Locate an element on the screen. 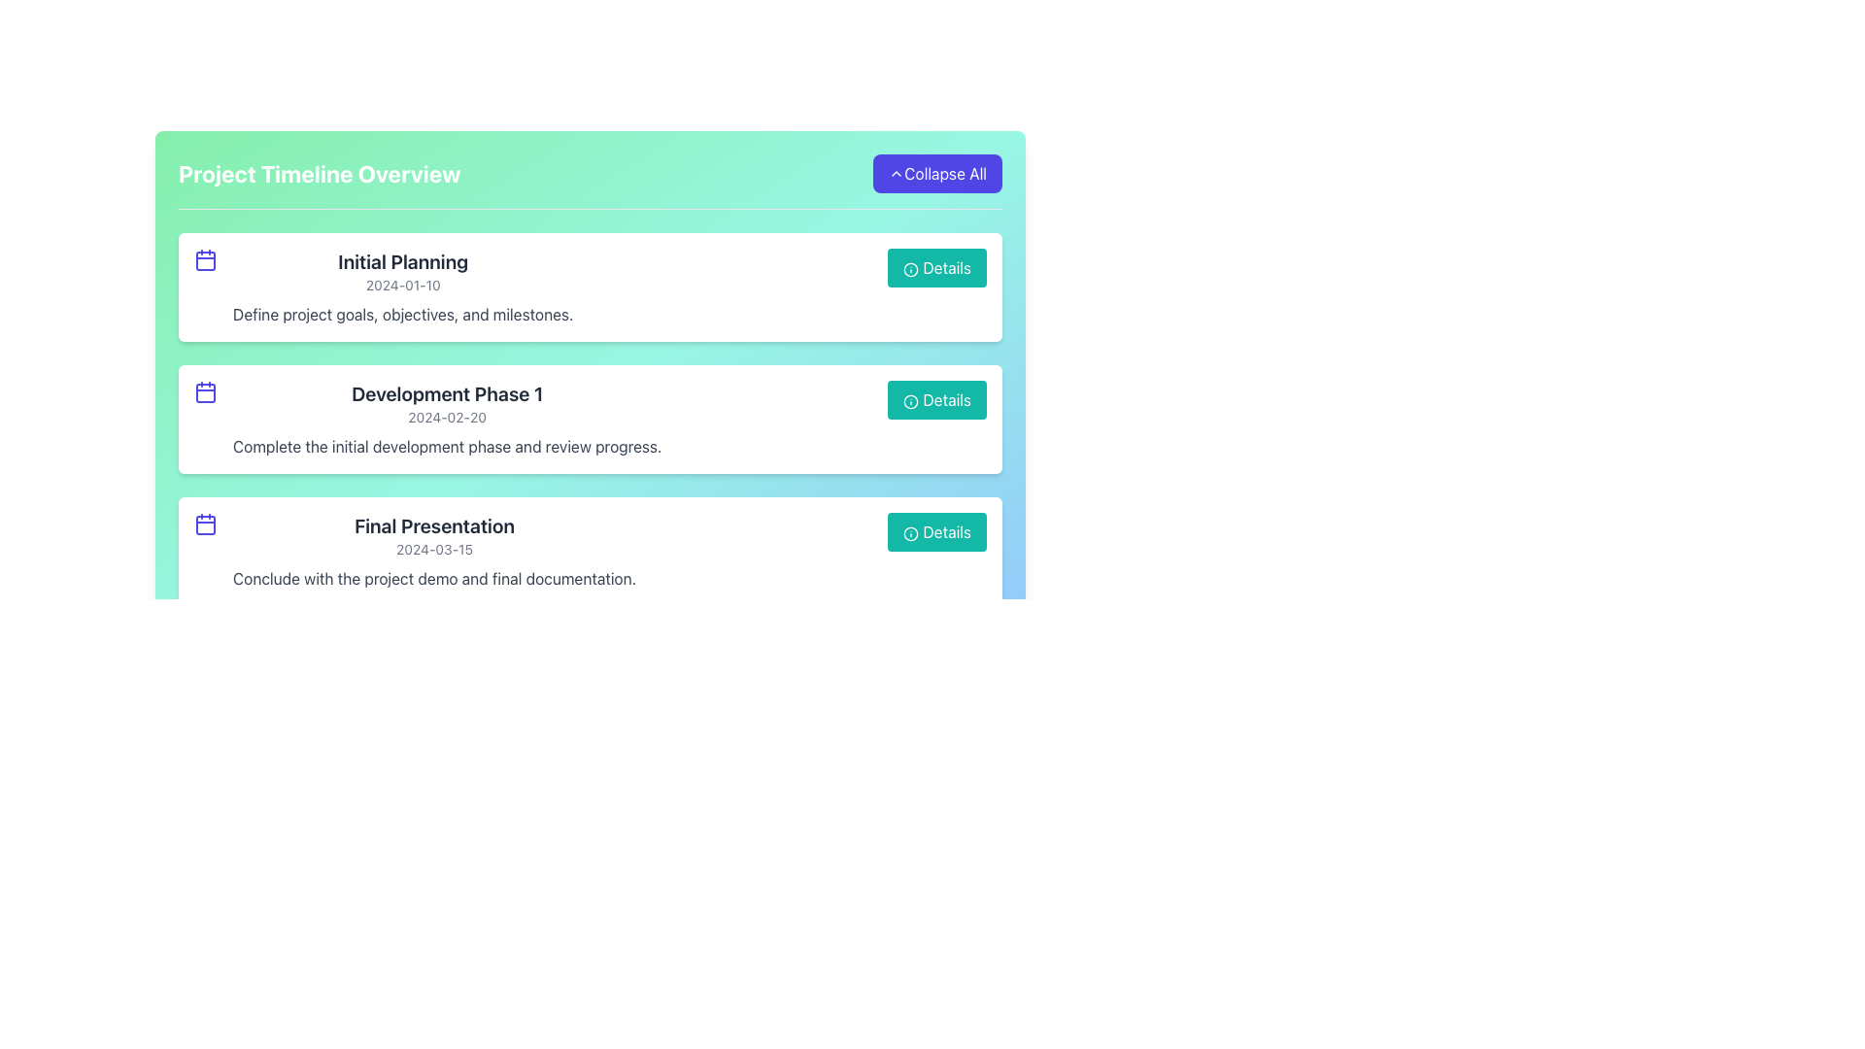 The height and width of the screenshot is (1049, 1865). the 'info' icon styled with a circular outline and a dot and line inside, located within the 'Details' button on the right side of the 'Initial Planning' card is located at coordinates (910, 269).